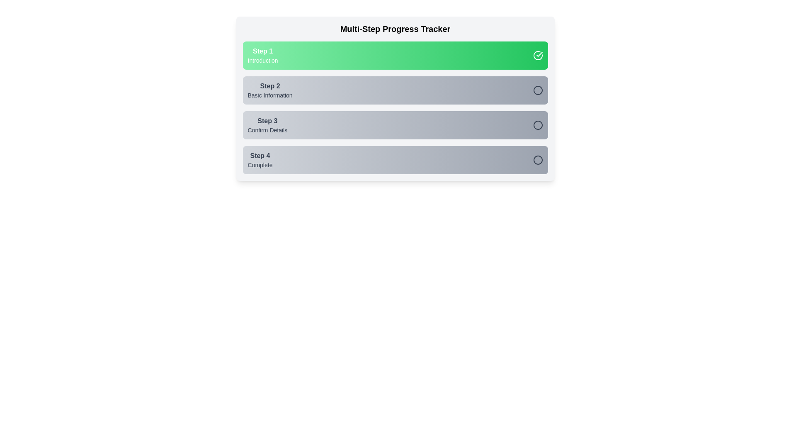 This screenshot has width=796, height=448. Describe the element at coordinates (260, 165) in the screenshot. I see `the text label 'Complete' located in the bottom-left corner of the 'Step 4' box in the progress tracker interface` at that location.